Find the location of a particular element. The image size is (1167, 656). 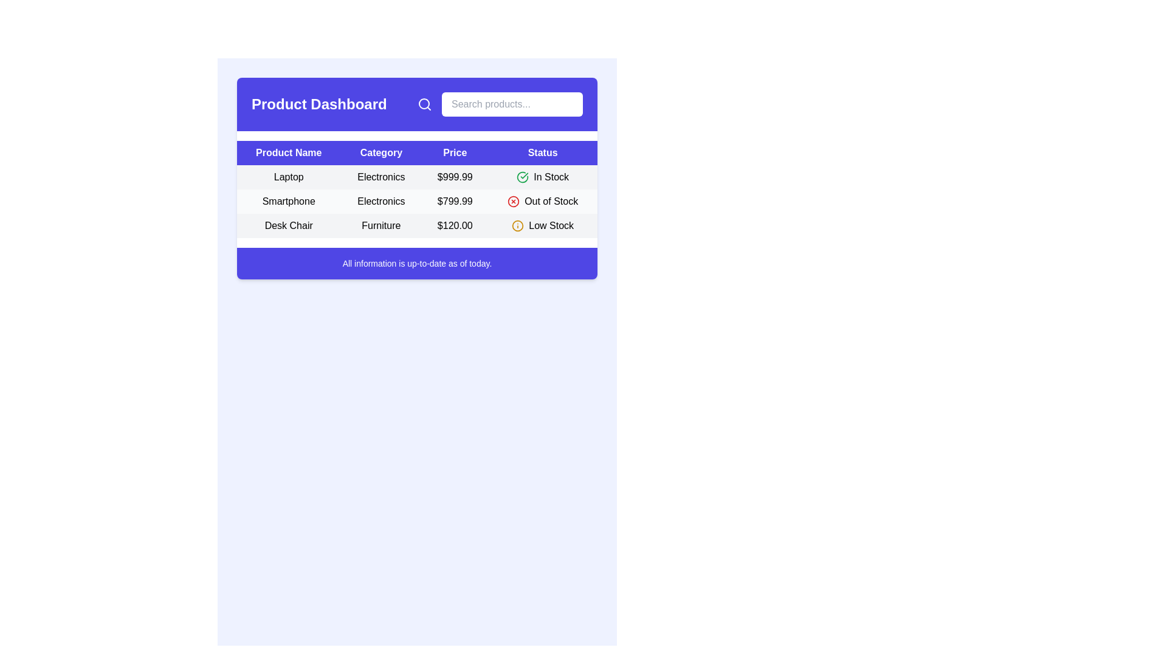

the 'Product Name' header text label, which is the first column header in the table, located in the upper left corner of the header row is located at coordinates (288, 152).